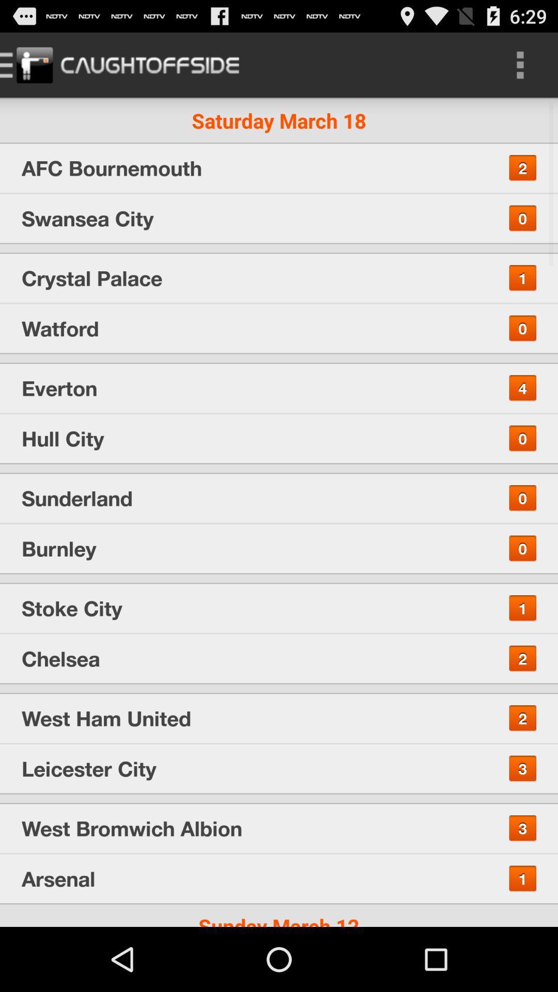  I want to click on item to the right of the saturday march 18 app, so click(520, 64).